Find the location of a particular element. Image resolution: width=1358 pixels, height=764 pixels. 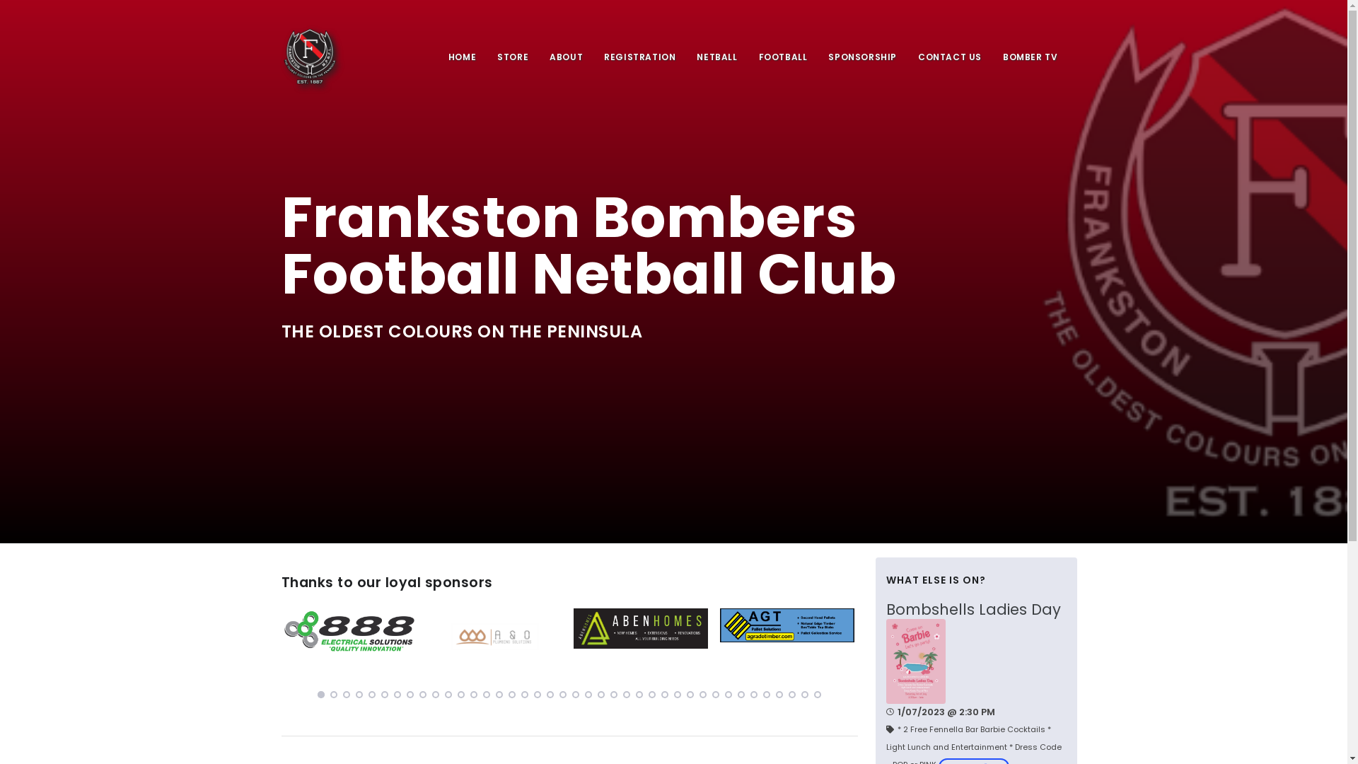

'ABOUT' is located at coordinates (566, 56).